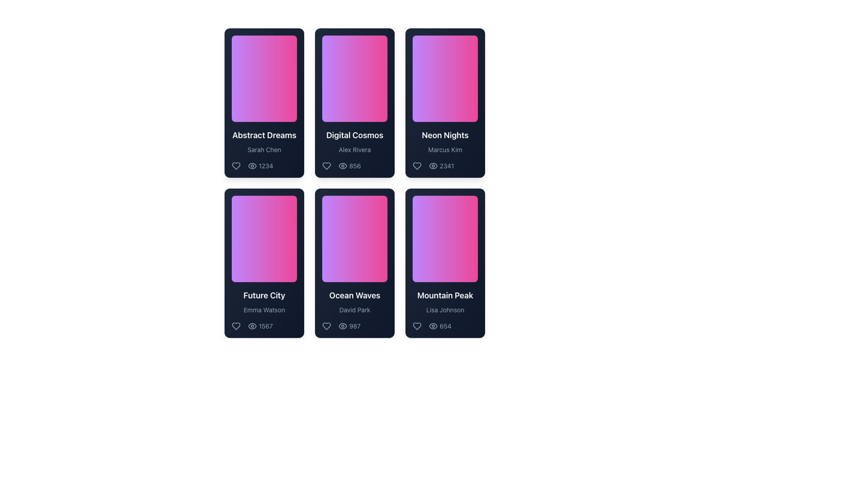  Describe the element at coordinates (342, 166) in the screenshot. I see `the oval-shaped eye icon with a smooth stroke located in the second card of the first row in the grid layout to observe its visual representation` at that location.